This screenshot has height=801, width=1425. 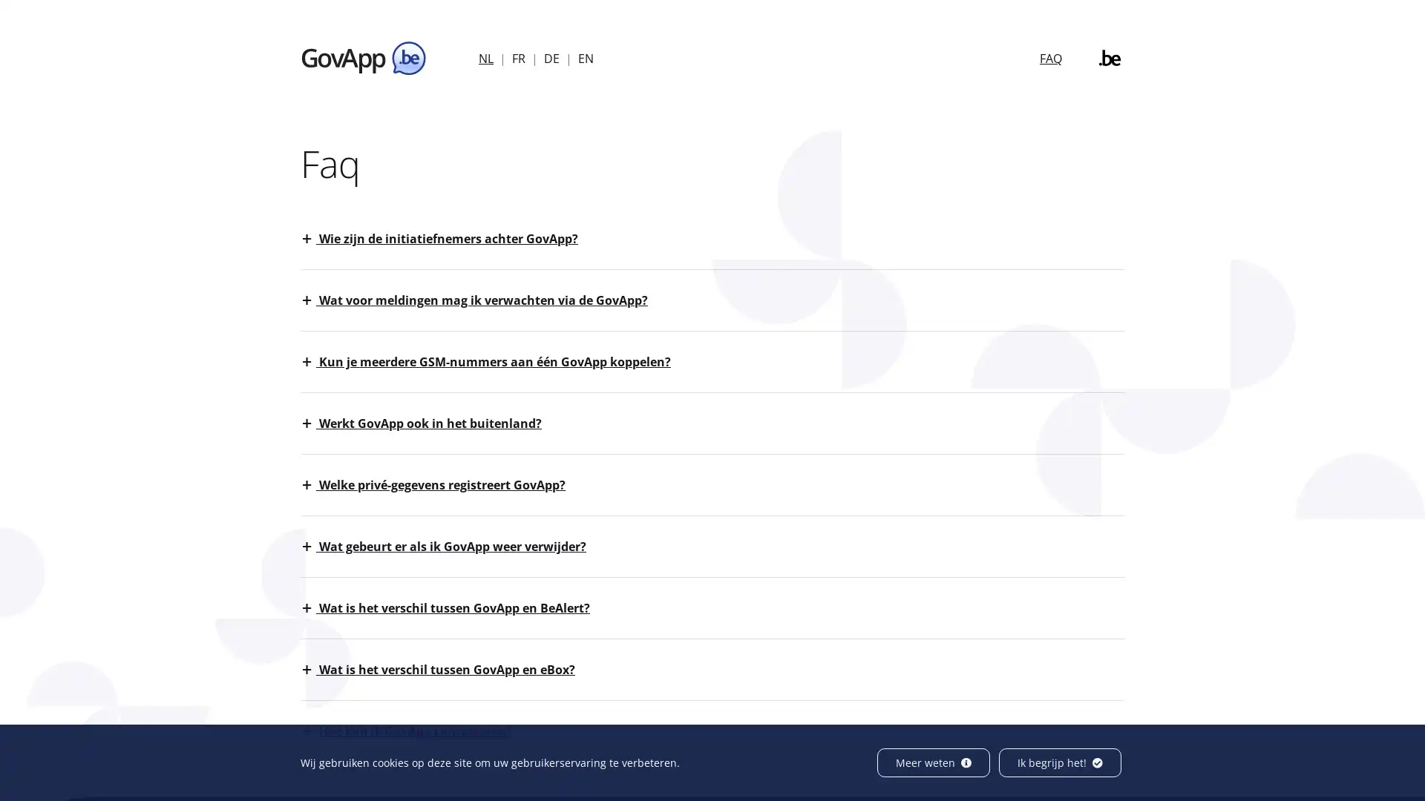 I want to click on + Wat gebeurt er als ik GovApp weer verwijder?, so click(x=451, y=546).